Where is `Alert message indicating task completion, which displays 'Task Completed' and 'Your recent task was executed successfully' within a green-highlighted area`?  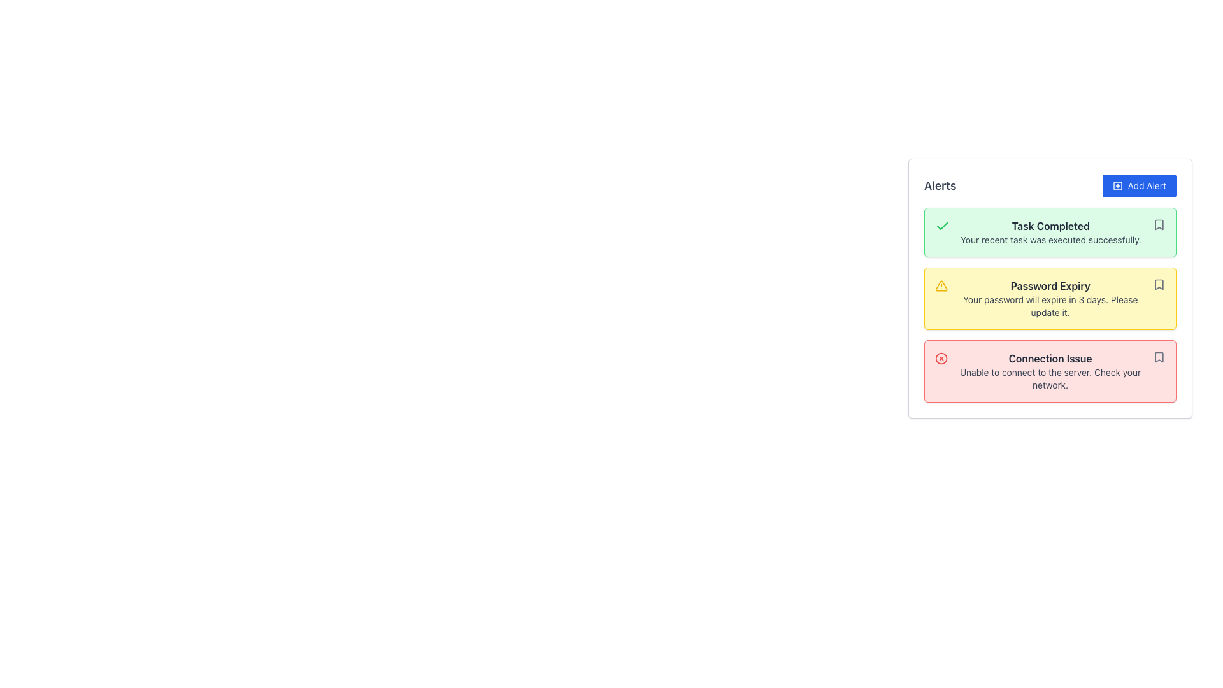 Alert message indicating task completion, which displays 'Task Completed' and 'Your recent task was executed successfully' within a green-highlighted area is located at coordinates (1050, 233).